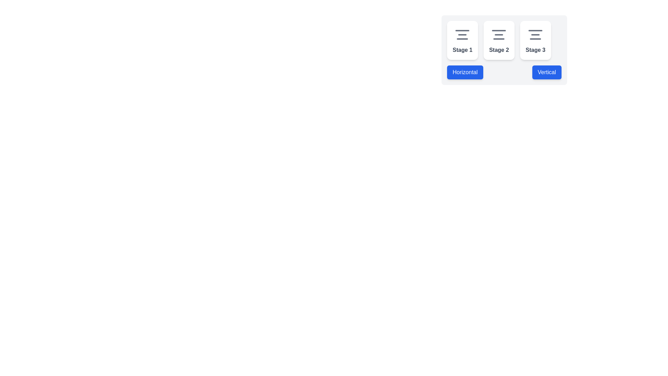 The width and height of the screenshot is (668, 376). I want to click on the SVG-based icon with three horizontal lines, styled in light gray, positioned at the top center of the 'Stage 3' card, so click(535, 35).